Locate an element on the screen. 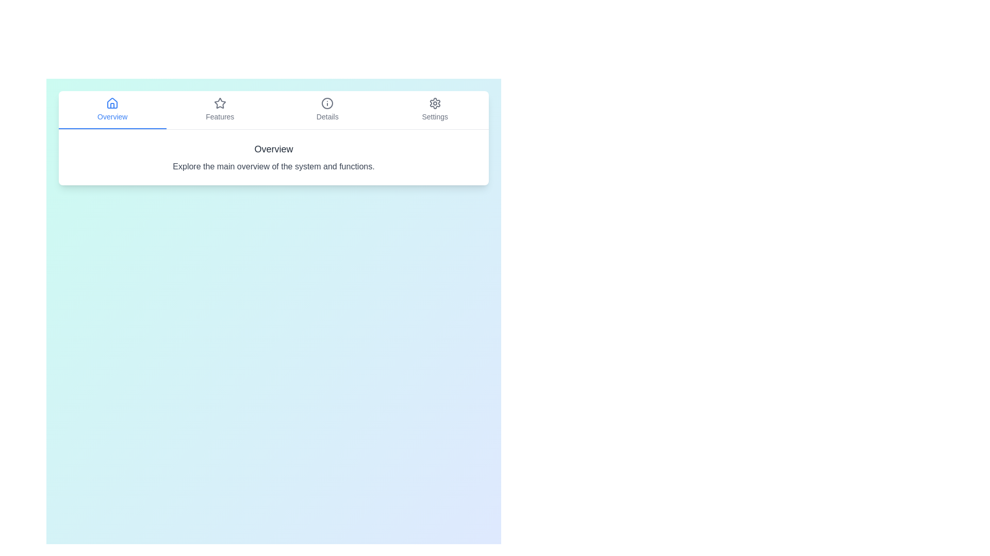 The width and height of the screenshot is (990, 556). the tab labeled Settings is located at coordinates (435, 110).